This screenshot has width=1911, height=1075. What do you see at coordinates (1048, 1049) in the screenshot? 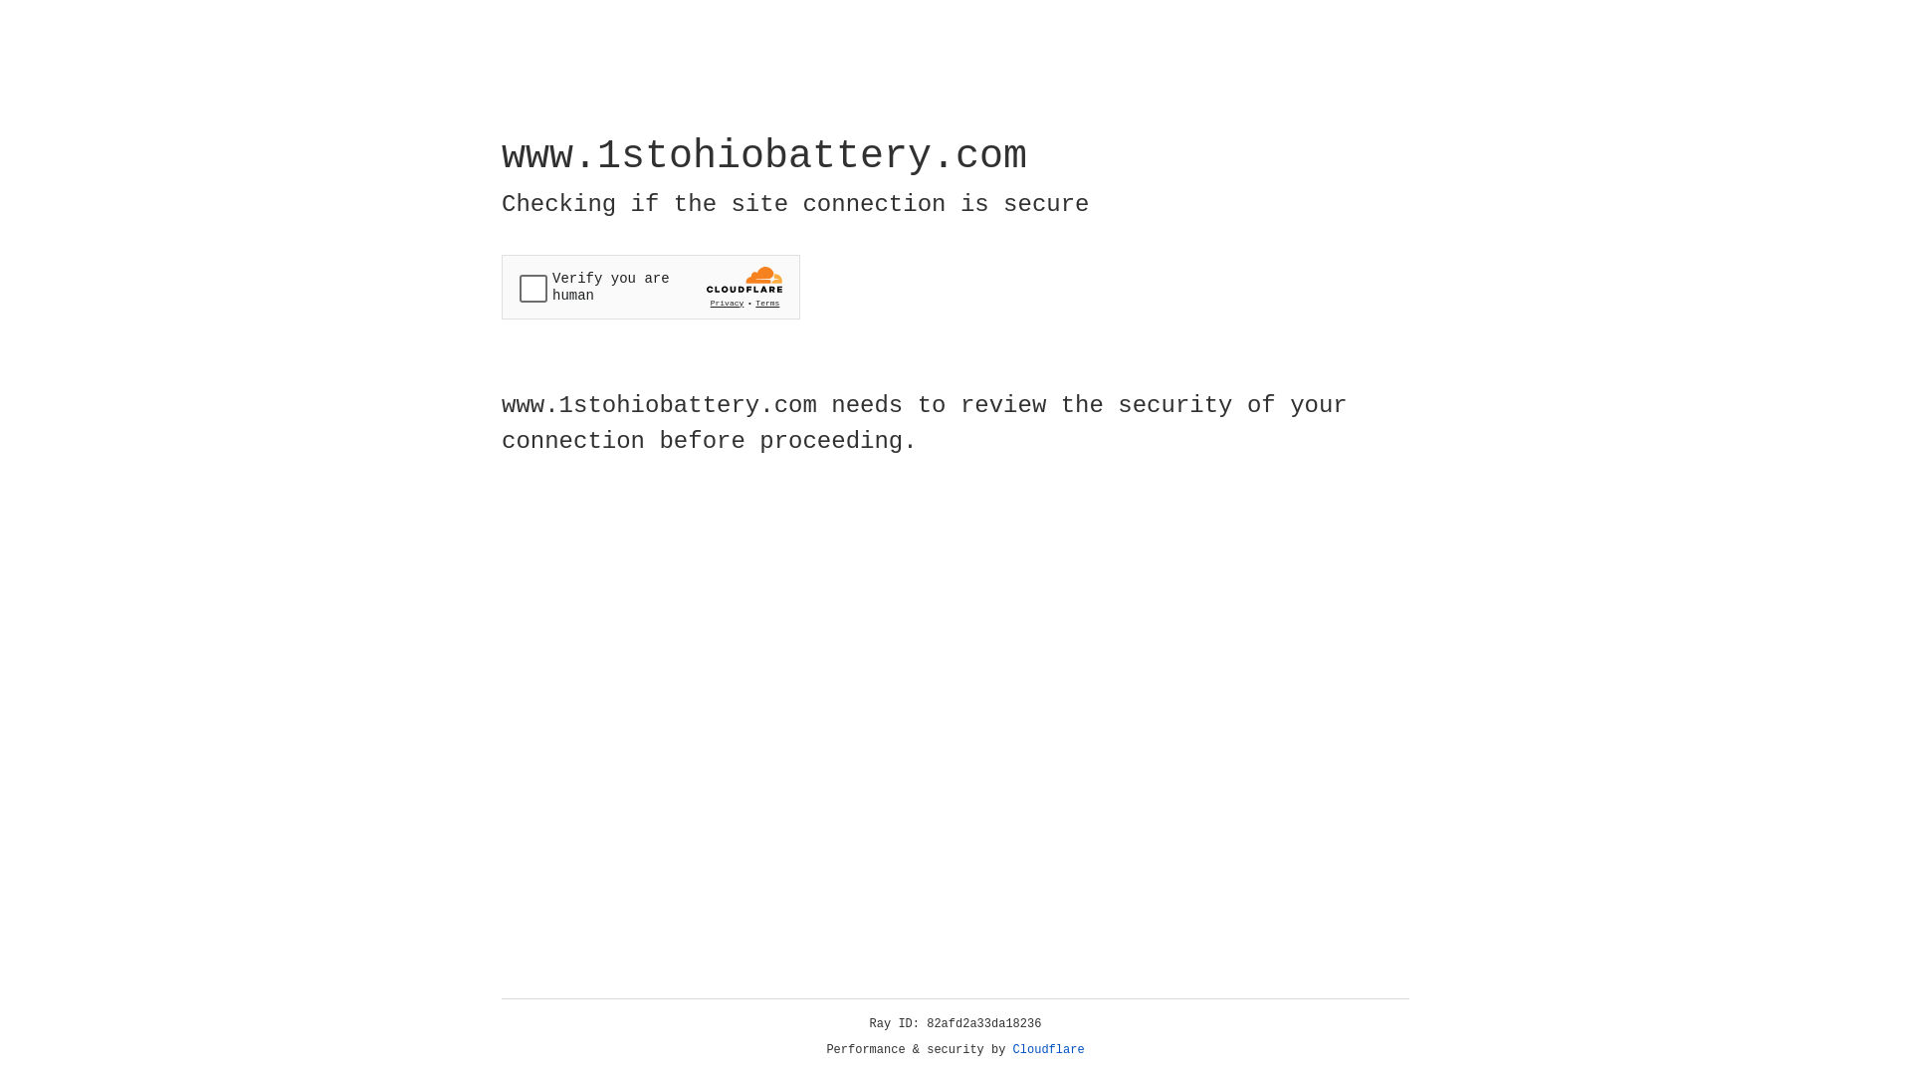
I see `'Cloudflare'` at bounding box center [1048, 1049].